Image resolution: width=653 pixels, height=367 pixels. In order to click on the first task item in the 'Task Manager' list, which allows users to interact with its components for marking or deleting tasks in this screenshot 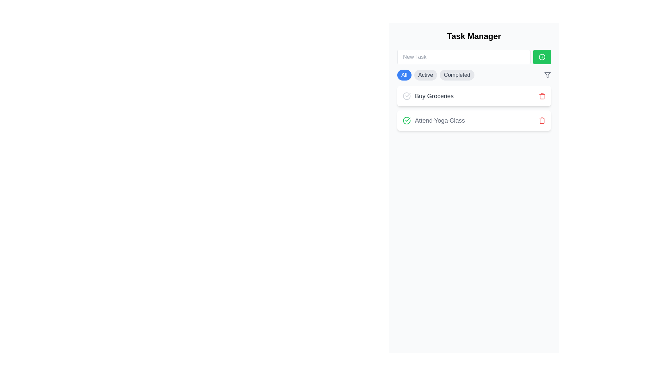, I will do `click(428, 96)`.